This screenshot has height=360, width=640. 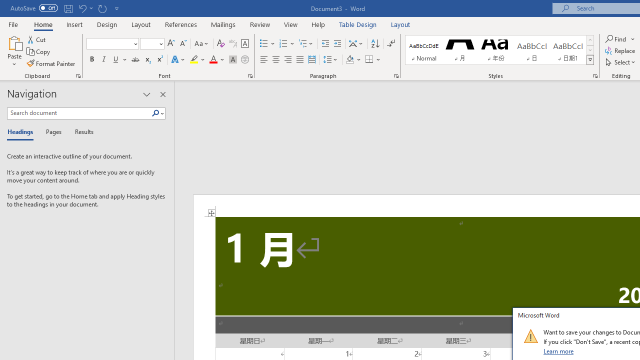 What do you see at coordinates (85, 8) in the screenshot?
I see `'Undo Text Fill Effect'` at bounding box center [85, 8].